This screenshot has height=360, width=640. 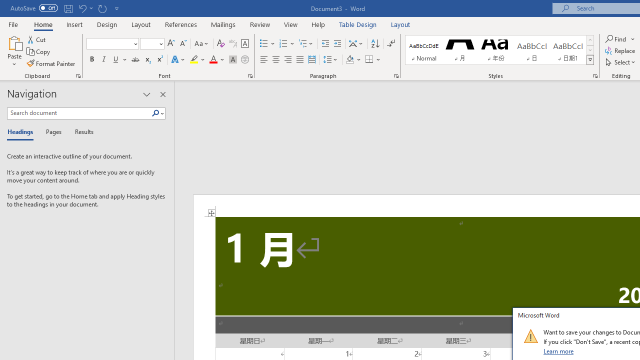 What do you see at coordinates (85, 8) in the screenshot?
I see `'Undo Text Fill Effect'` at bounding box center [85, 8].